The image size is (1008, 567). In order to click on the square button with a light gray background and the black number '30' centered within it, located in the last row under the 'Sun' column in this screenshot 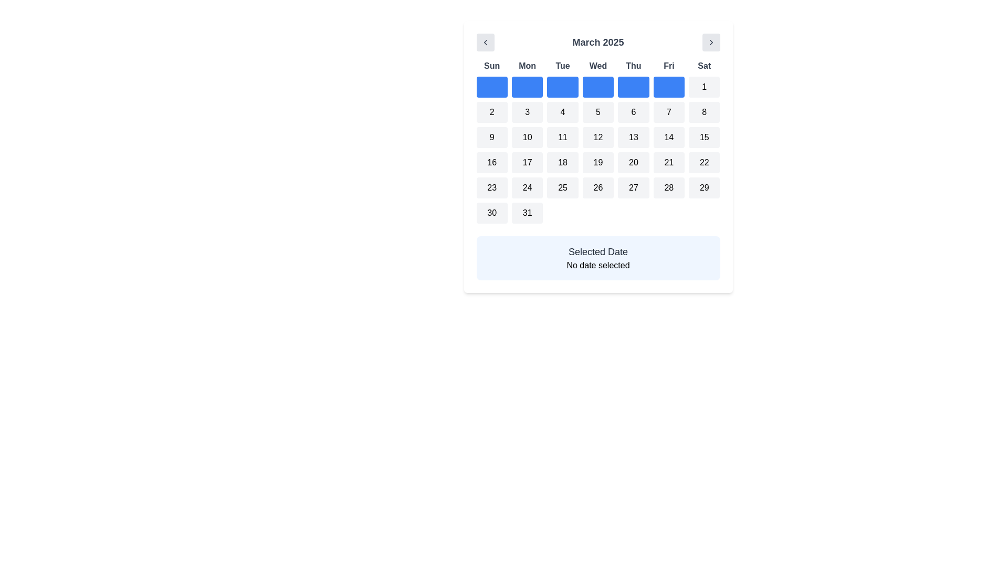, I will do `click(491, 213)`.